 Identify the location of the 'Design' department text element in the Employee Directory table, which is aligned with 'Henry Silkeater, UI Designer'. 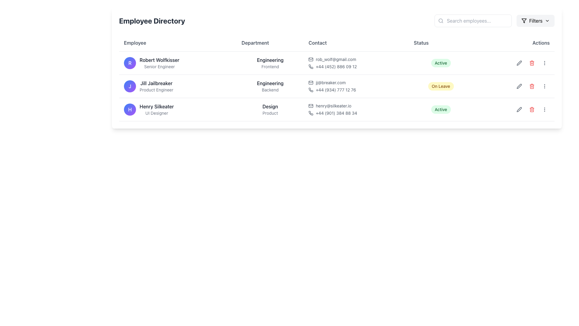
(270, 109).